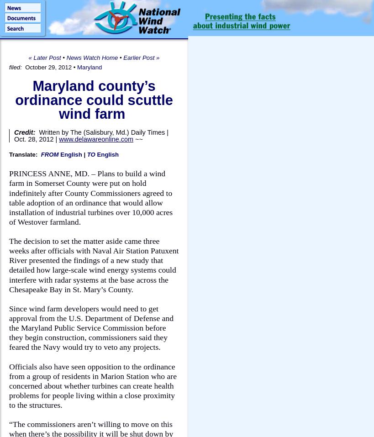 This screenshot has width=374, height=437. What do you see at coordinates (141, 58) in the screenshot?
I see `'Earlier Post »'` at bounding box center [141, 58].